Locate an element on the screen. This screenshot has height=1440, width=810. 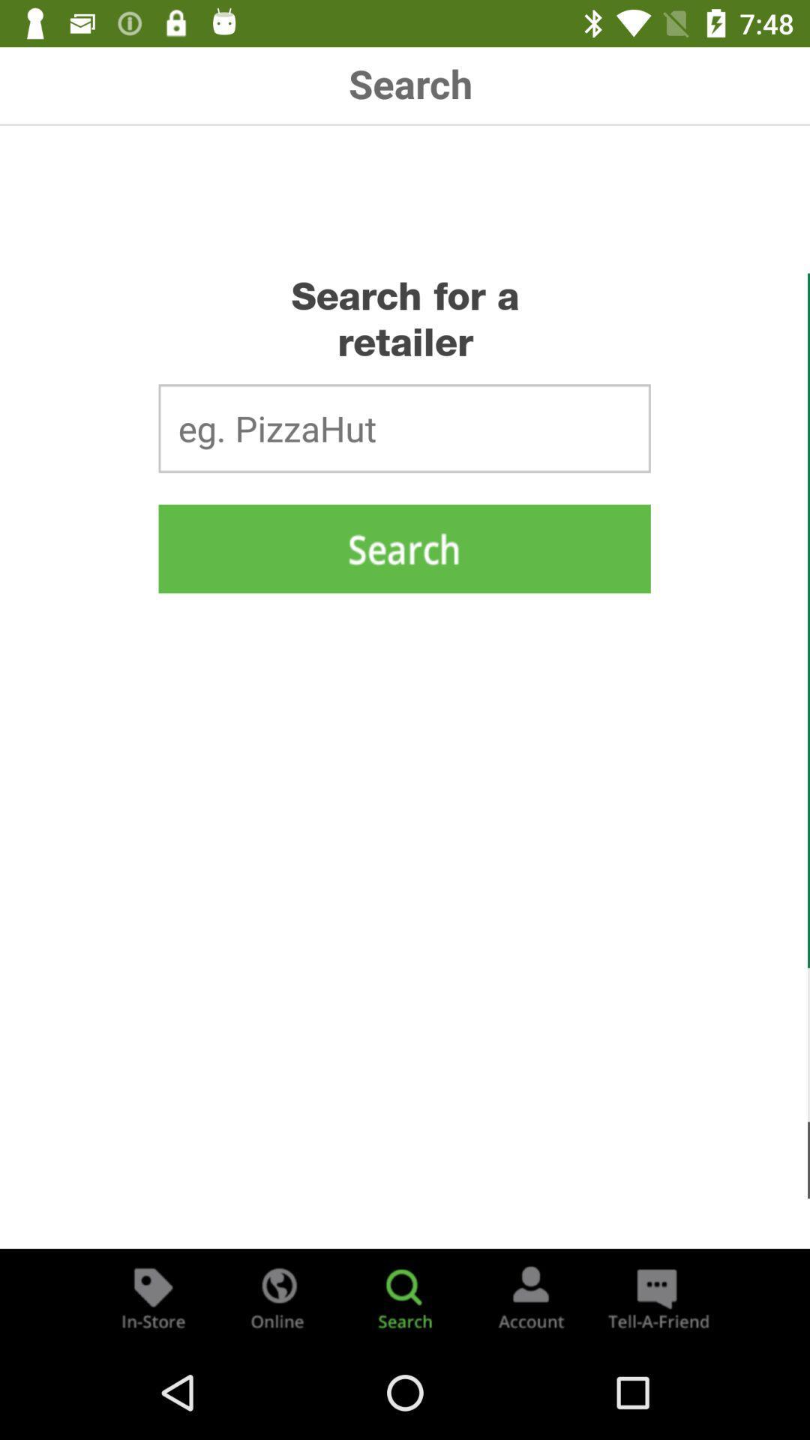
perform search is located at coordinates (403, 547).